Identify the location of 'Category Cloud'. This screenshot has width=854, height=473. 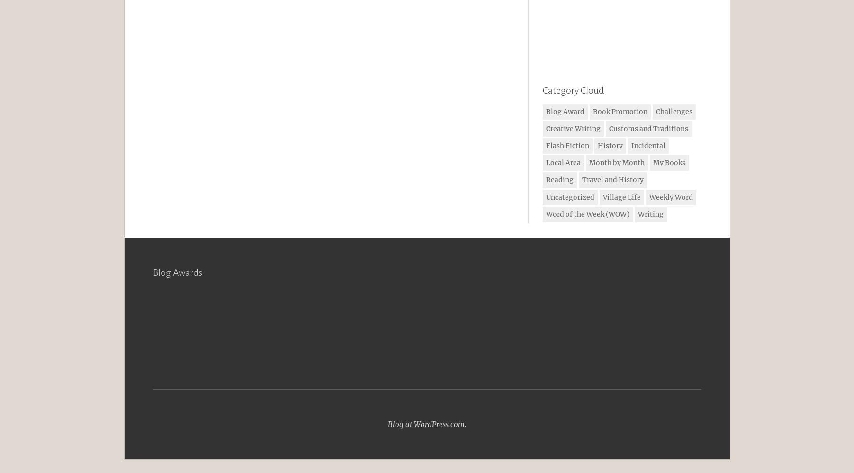
(572, 90).